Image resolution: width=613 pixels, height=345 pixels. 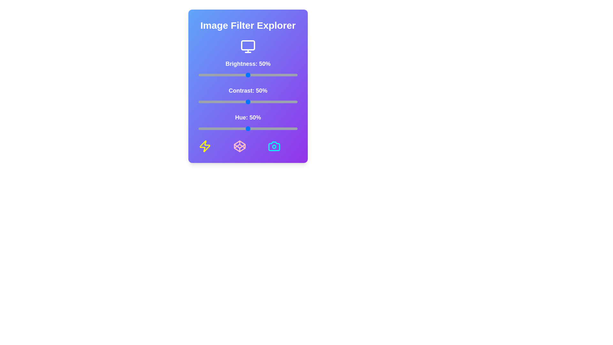 What do you see at coordinates (252, 75) in the screenshot?
I see `the brightness slider to 54%` at bounding box center [252, 75].